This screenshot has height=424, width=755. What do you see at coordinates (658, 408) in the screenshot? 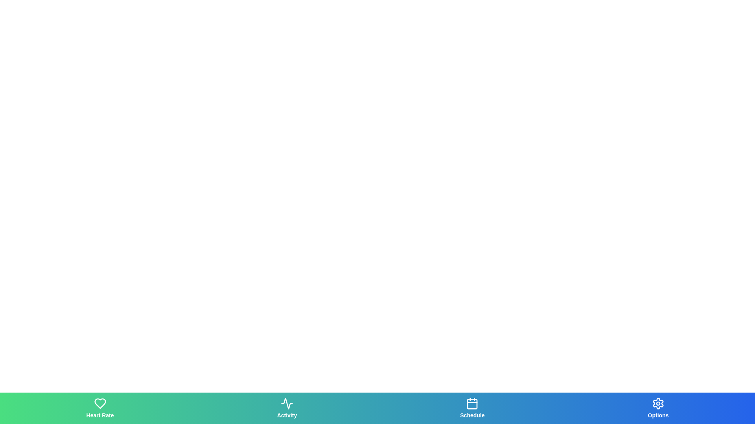
I see `the tab labeled Options to observe its hover effects` at bounding box center [658, 408].